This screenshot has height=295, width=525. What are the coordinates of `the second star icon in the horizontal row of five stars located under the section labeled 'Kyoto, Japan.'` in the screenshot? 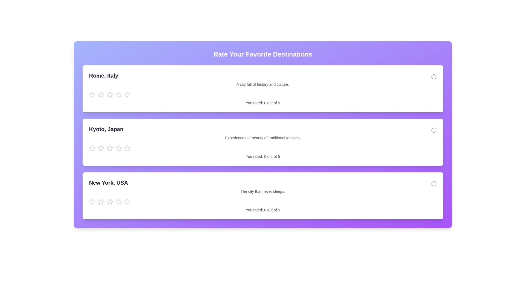 It's located at (101, 148).